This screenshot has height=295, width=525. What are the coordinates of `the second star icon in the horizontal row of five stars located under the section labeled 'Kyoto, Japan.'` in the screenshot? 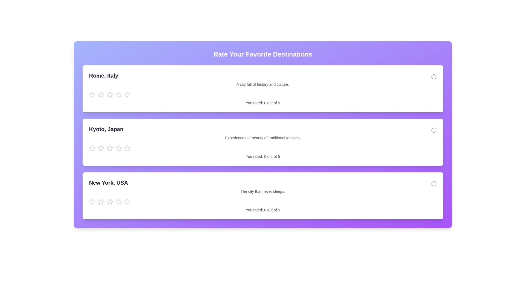 It's located at (101, 148).